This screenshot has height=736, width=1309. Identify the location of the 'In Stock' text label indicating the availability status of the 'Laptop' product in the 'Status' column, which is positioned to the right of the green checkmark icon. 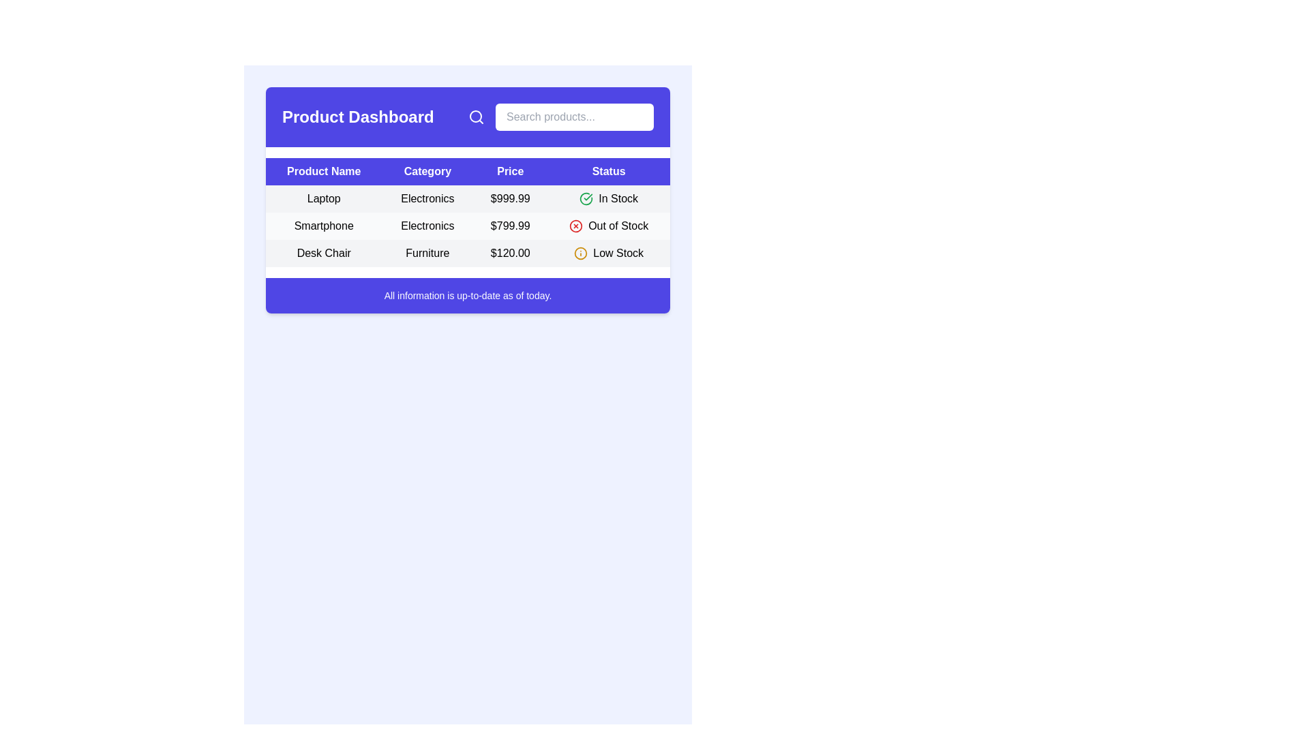
(618, 199).